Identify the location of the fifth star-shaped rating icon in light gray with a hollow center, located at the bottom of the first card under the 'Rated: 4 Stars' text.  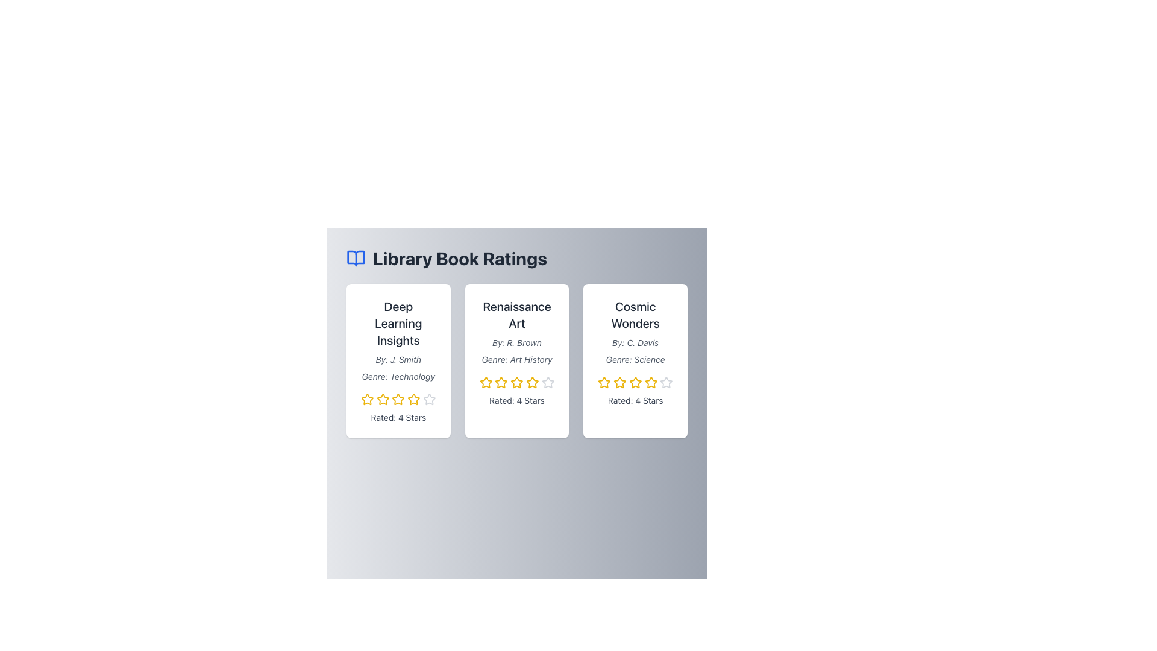
(429, 400).